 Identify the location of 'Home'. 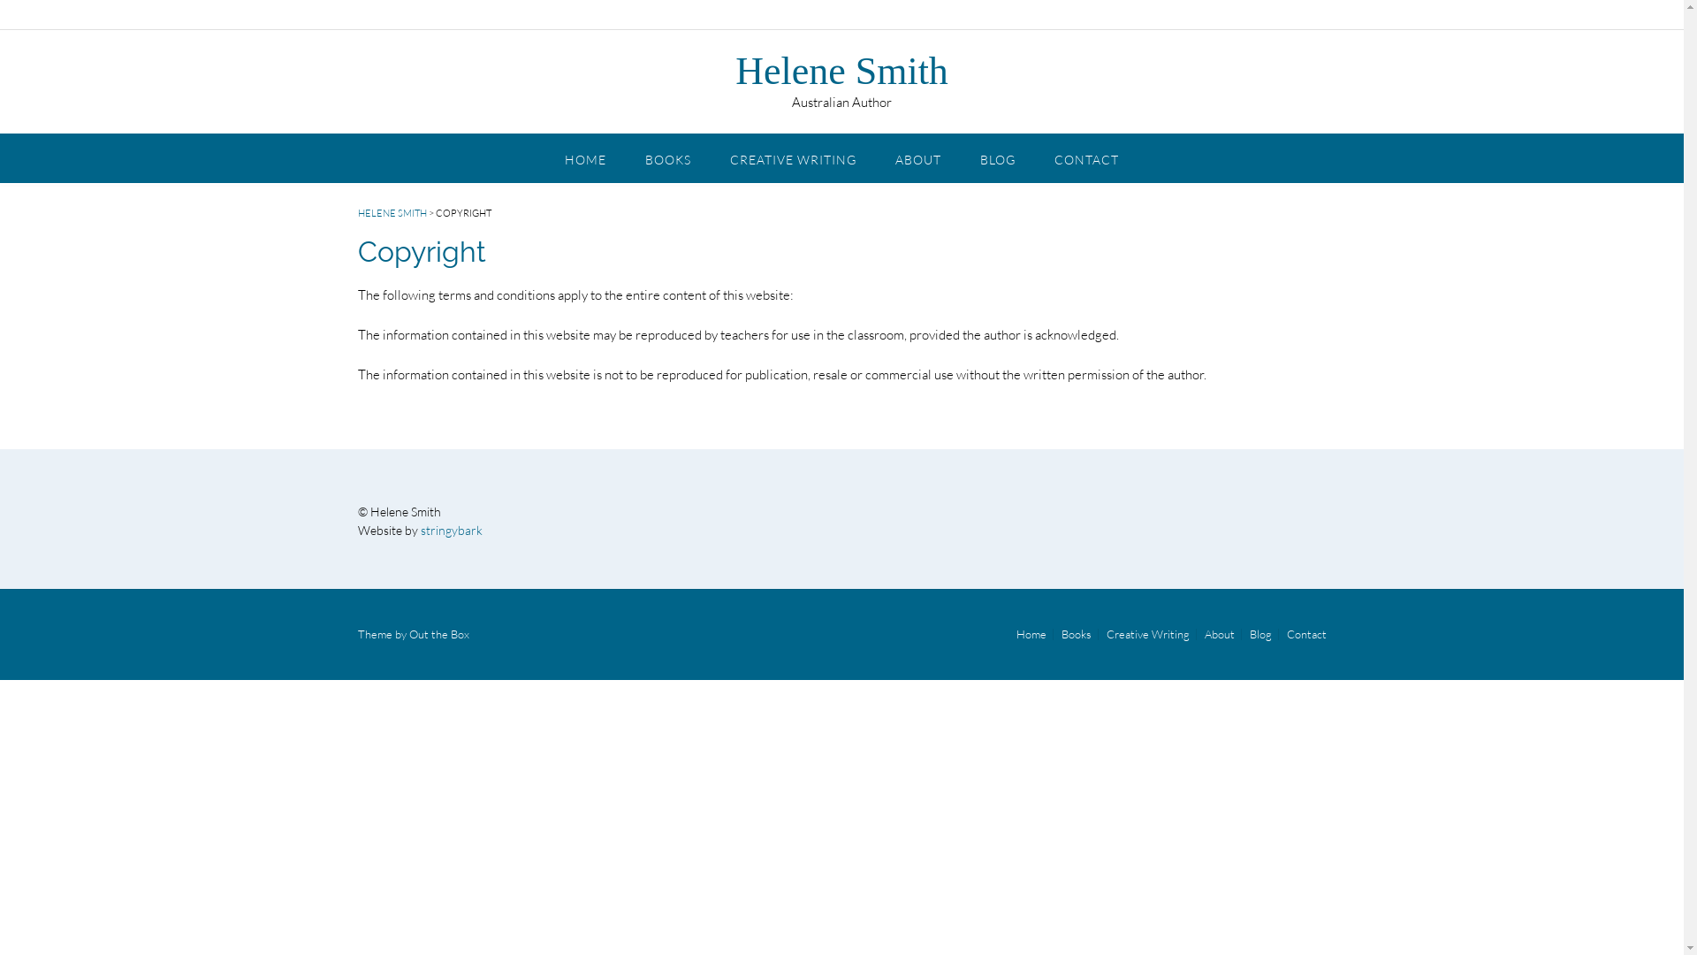
(1031, 633).